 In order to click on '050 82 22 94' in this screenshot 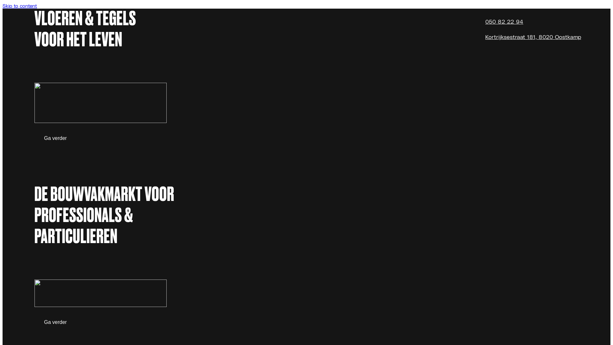, I will do `click(504, 21)`.